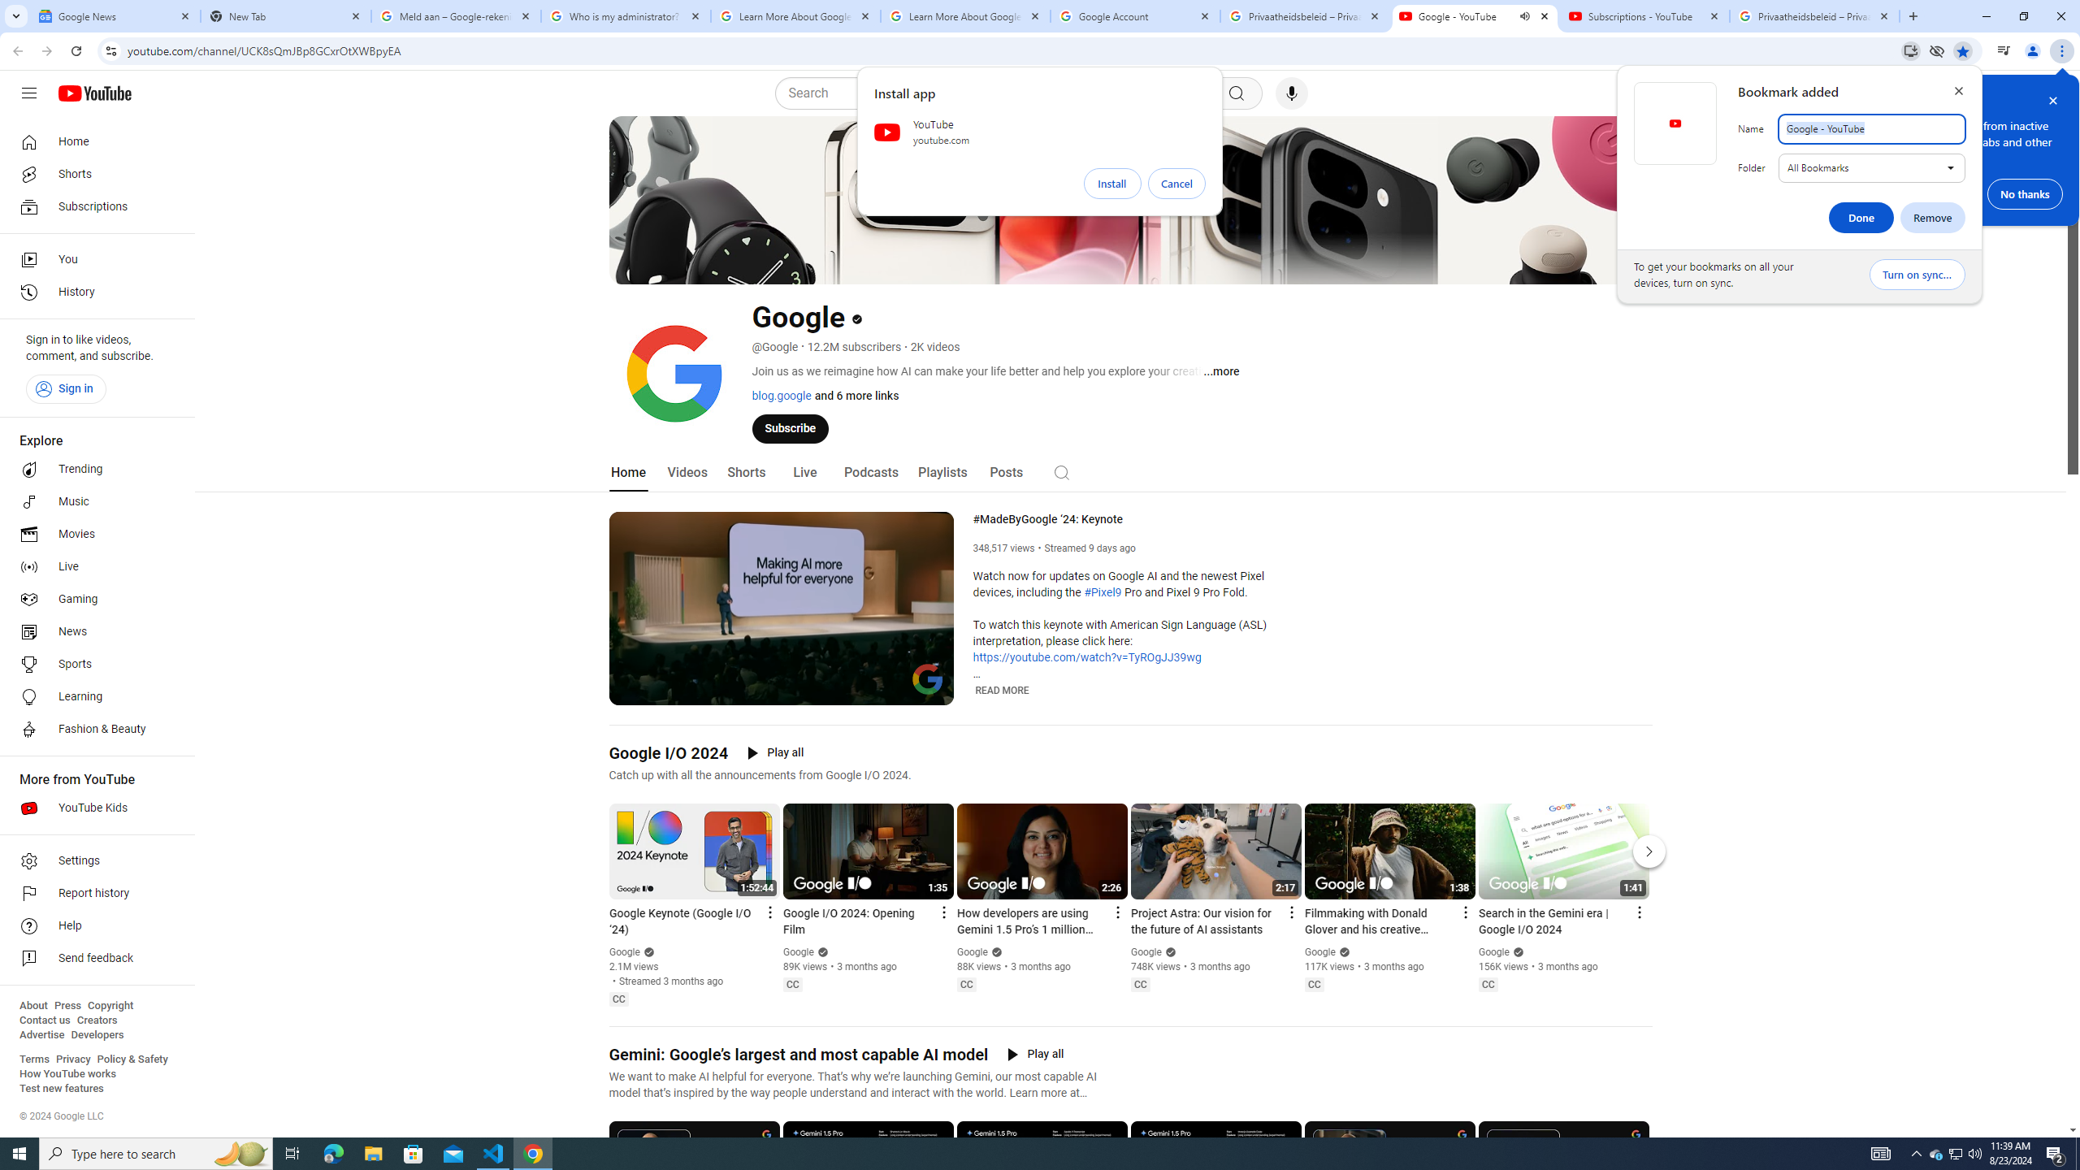 This screenshot has width=2080, height=1170. Describe the element at coordinates (2024, 193) in the screenshot. I see `'No thanks'` at that location.